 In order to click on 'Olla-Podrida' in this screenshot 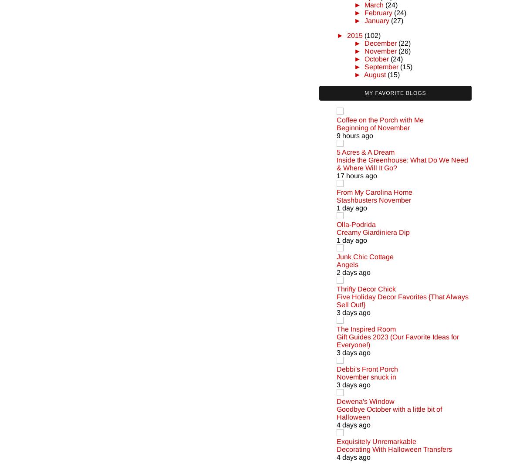, I will do `click(356, 224)`.